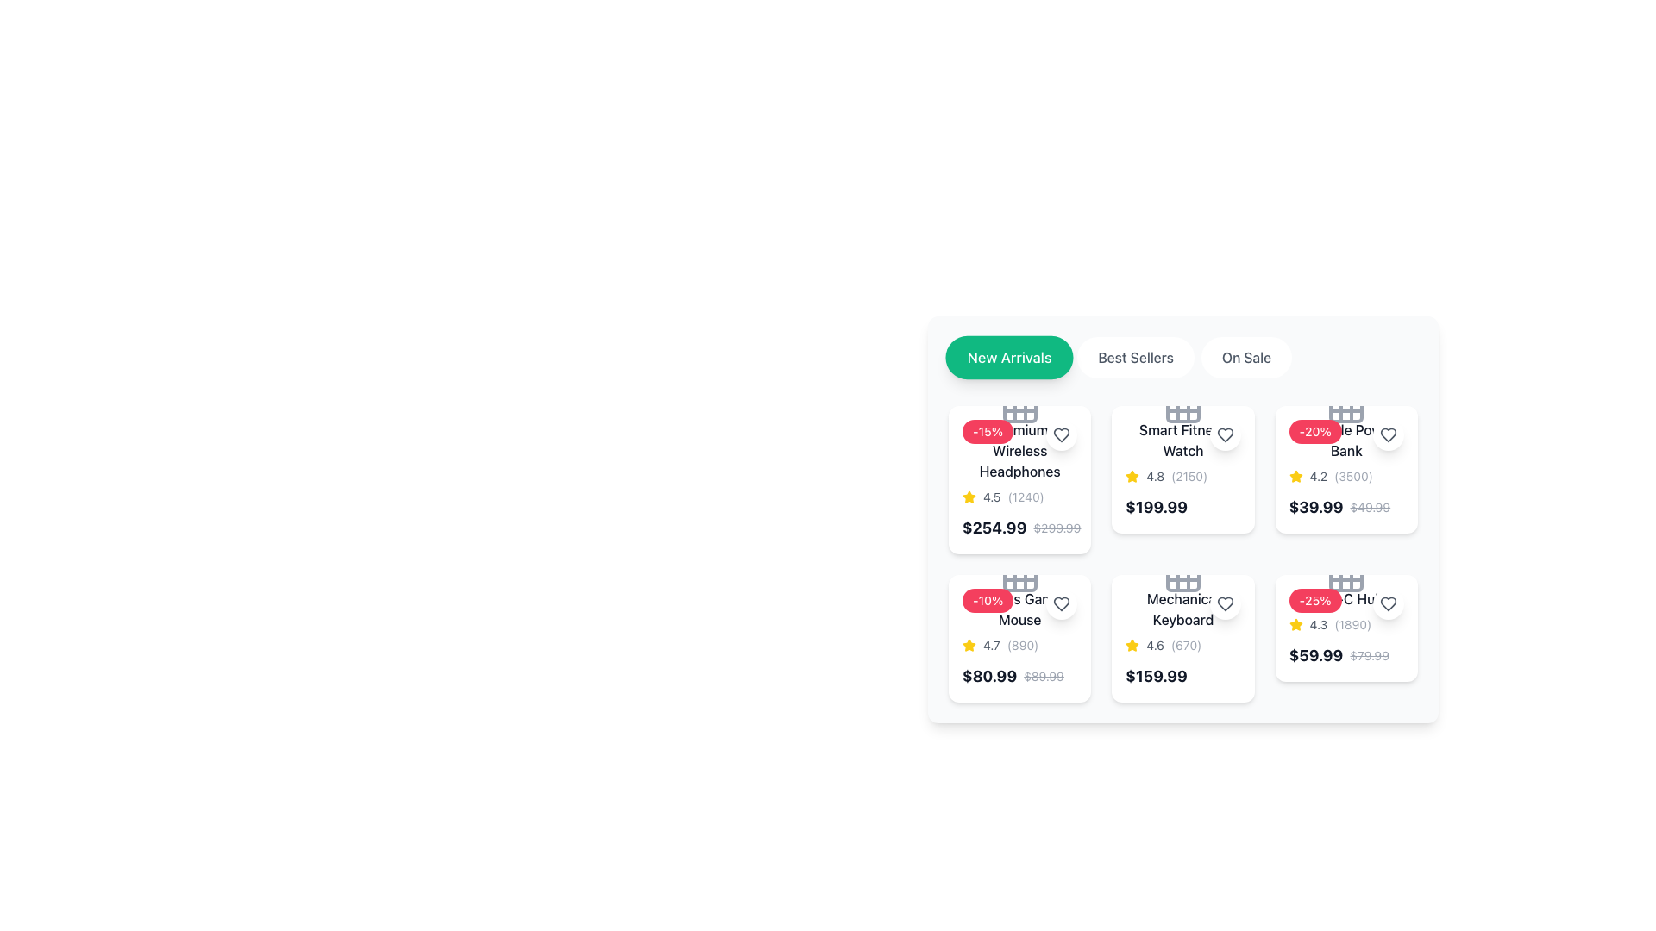  I want to click on text label displaying the product name 'Portable Power Bank', located in the lower right corner of the product grid card, beneath a discount badge and next to a heart icon, so click(1345, 439).